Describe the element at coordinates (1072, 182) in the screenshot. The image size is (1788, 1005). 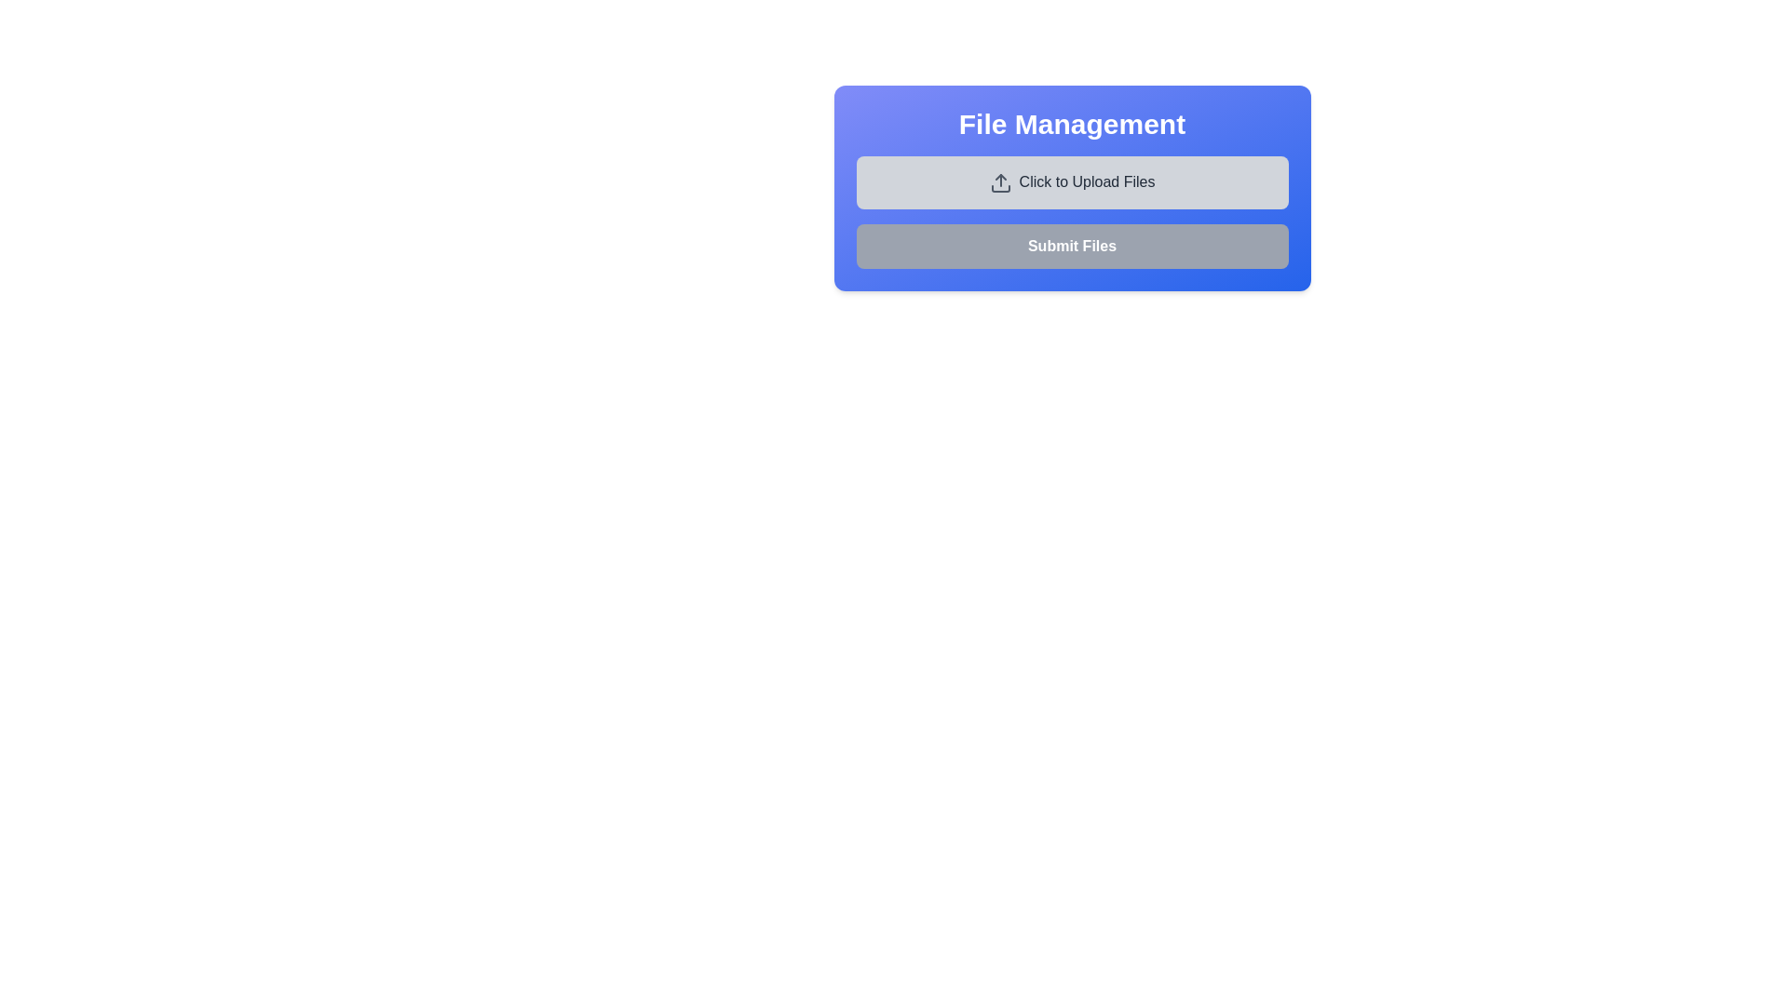
I see `the file upload button located below the 'File Management' heading and above the 'Submit Files' button` at that location.